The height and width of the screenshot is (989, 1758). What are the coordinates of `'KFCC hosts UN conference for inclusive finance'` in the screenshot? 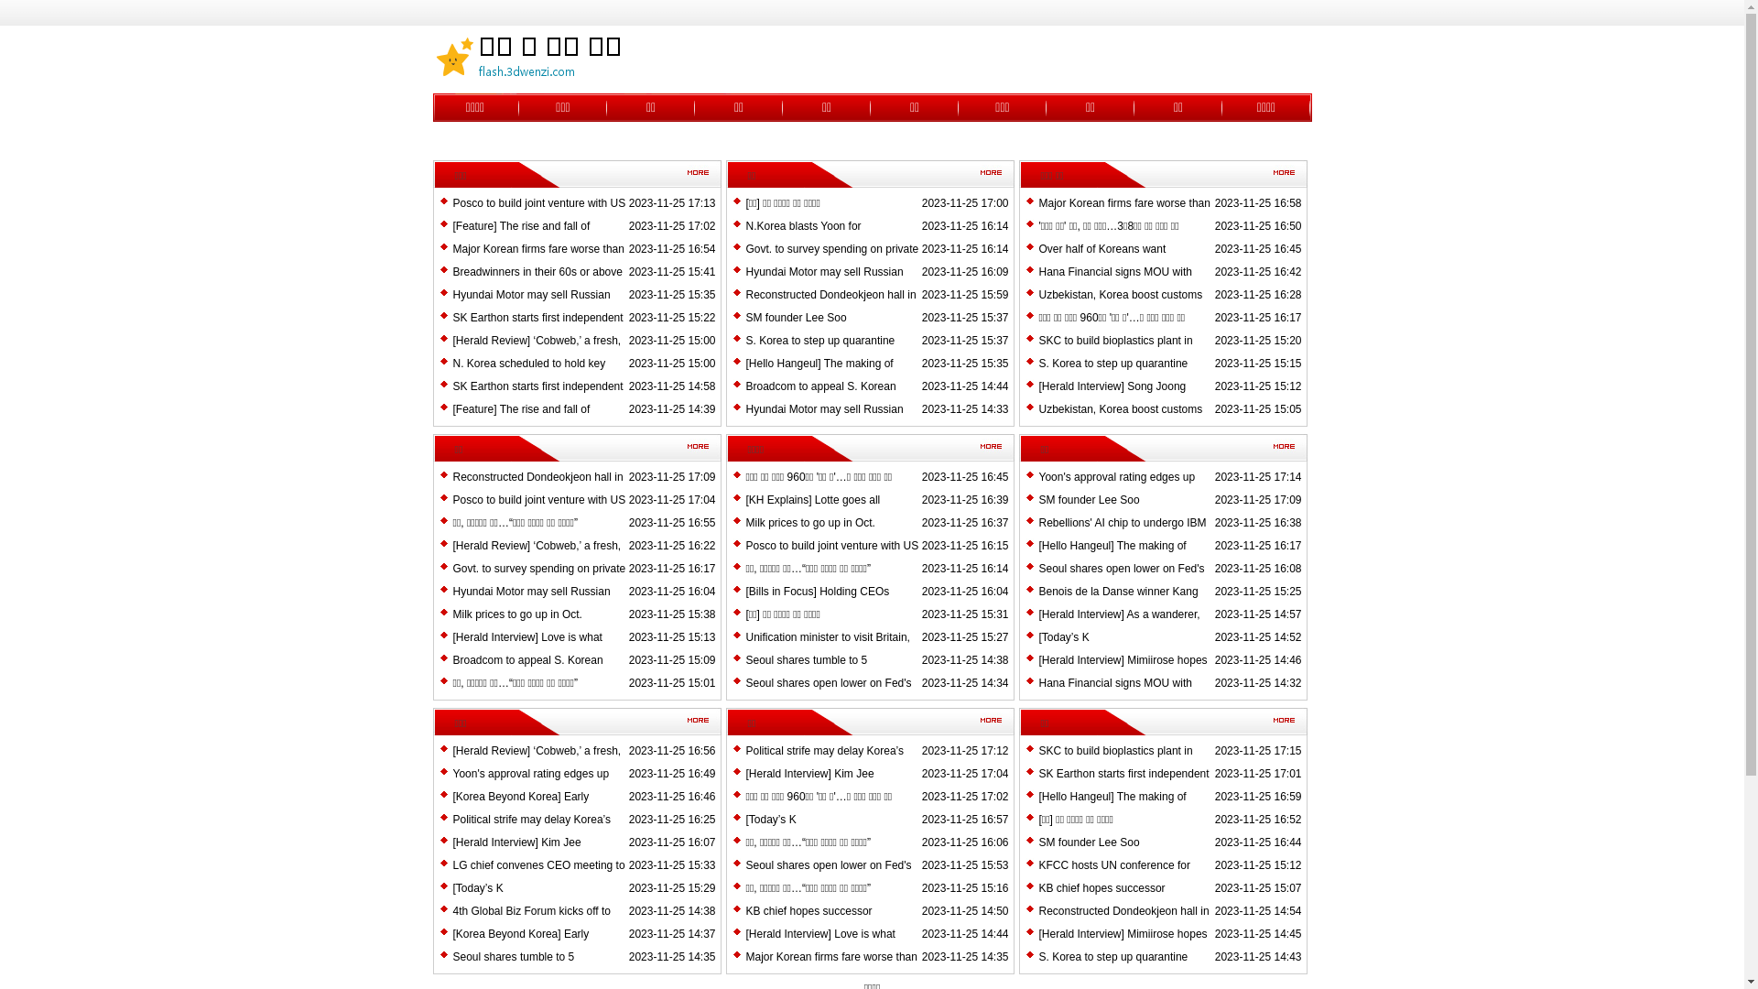 It's located at (1112, 875).